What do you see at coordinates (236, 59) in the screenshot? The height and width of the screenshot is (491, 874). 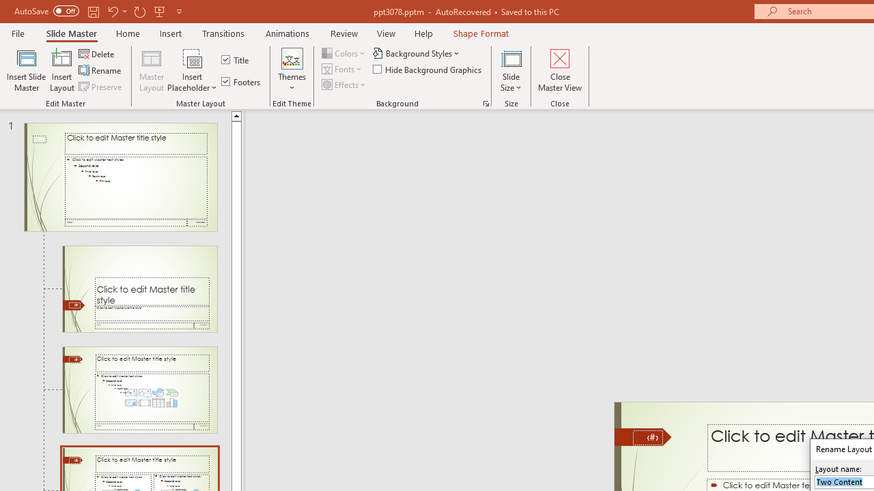 I see `'Title'` at bounding box center [236, 59].